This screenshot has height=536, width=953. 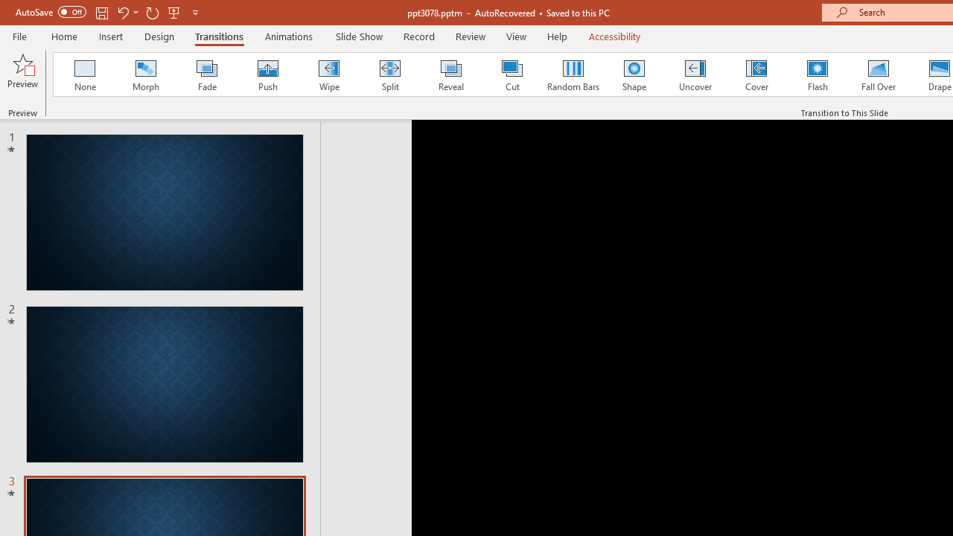 What do you see at coordinates (756, 74) in the screenshot?
I see `'Cover'` at bounding box center [756, 74].